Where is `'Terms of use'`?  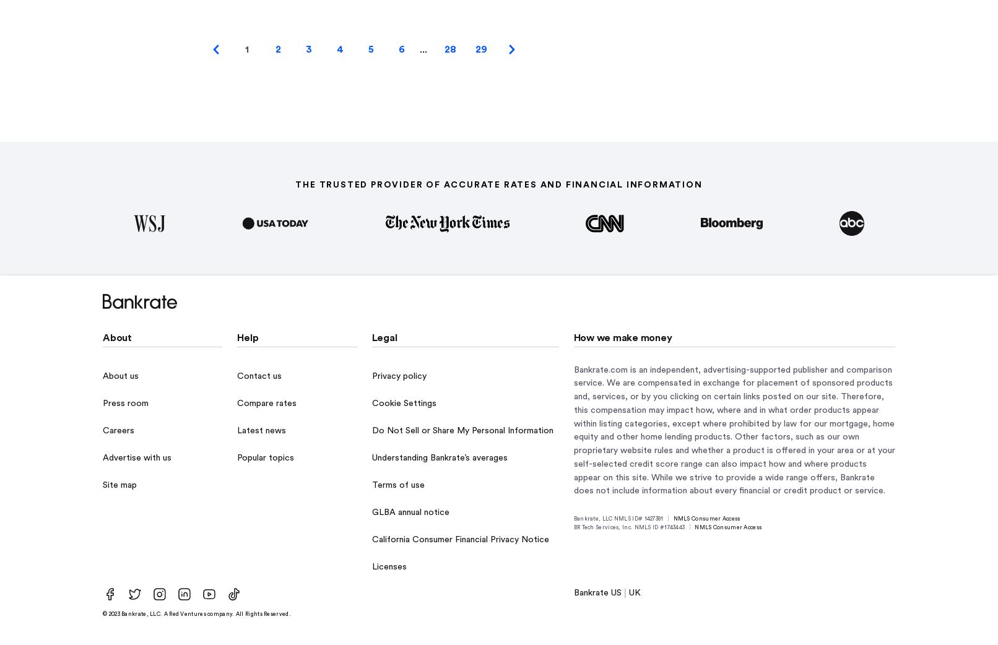 'Terms of use' is located at coordinates (397, 485).